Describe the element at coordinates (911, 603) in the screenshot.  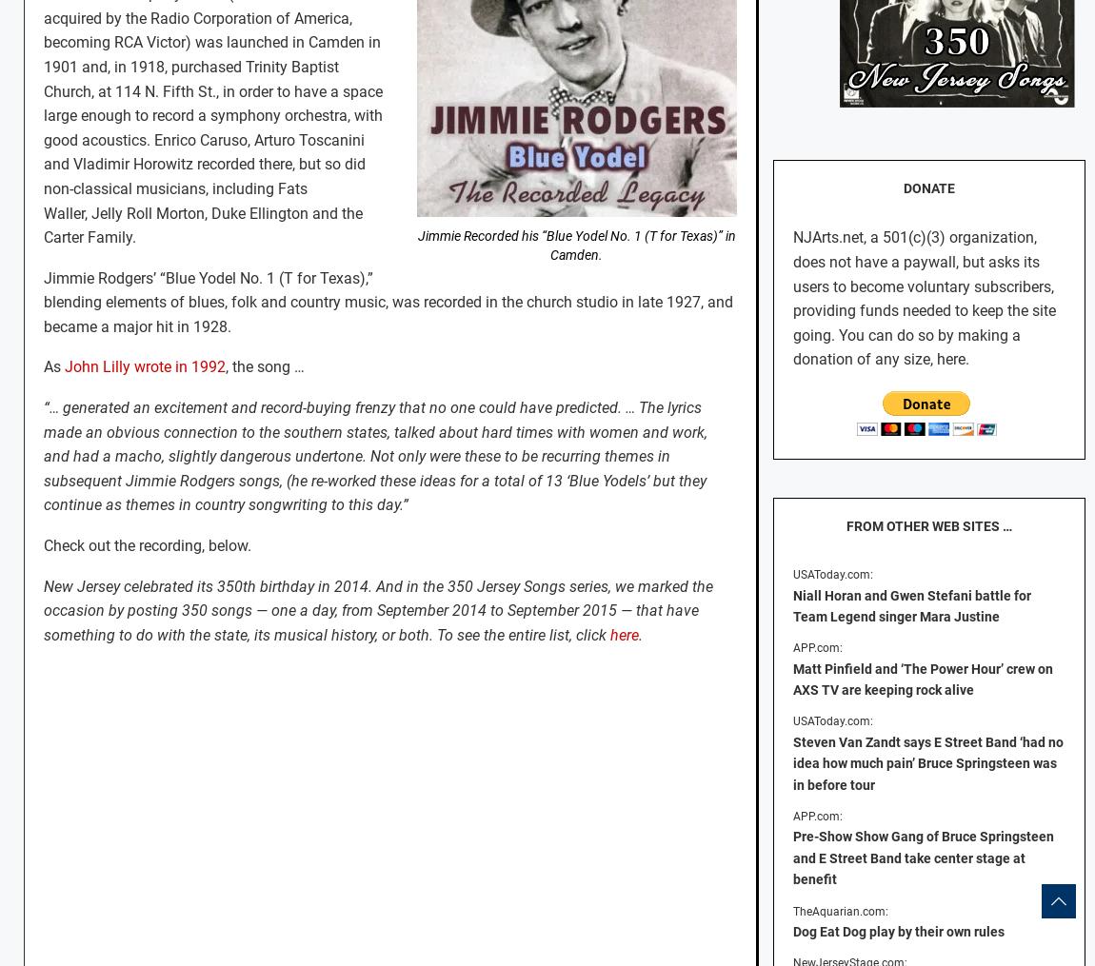
I see `'Niall Horan and Gwen Stefani battle for Team Legend singer Mara Justine'` at that location.